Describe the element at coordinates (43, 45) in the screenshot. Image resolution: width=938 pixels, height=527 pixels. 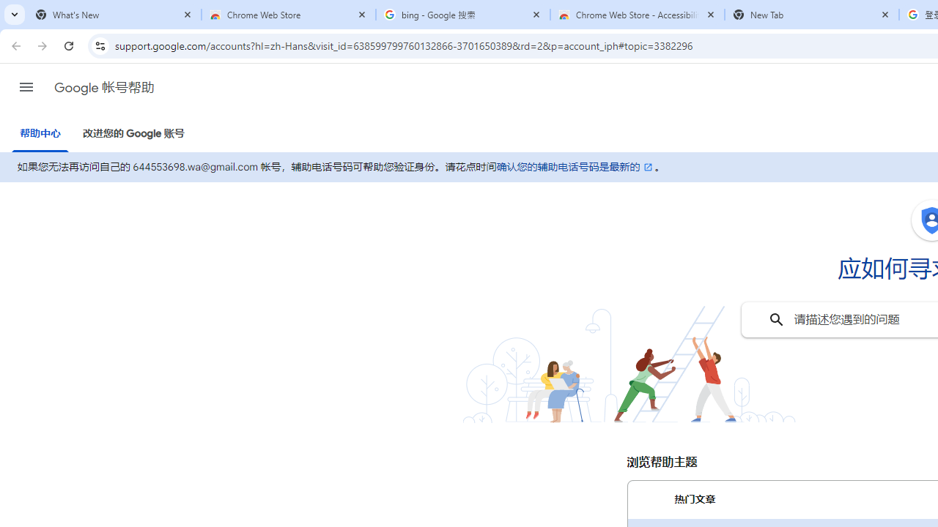
I see `'Forward'` at that location.